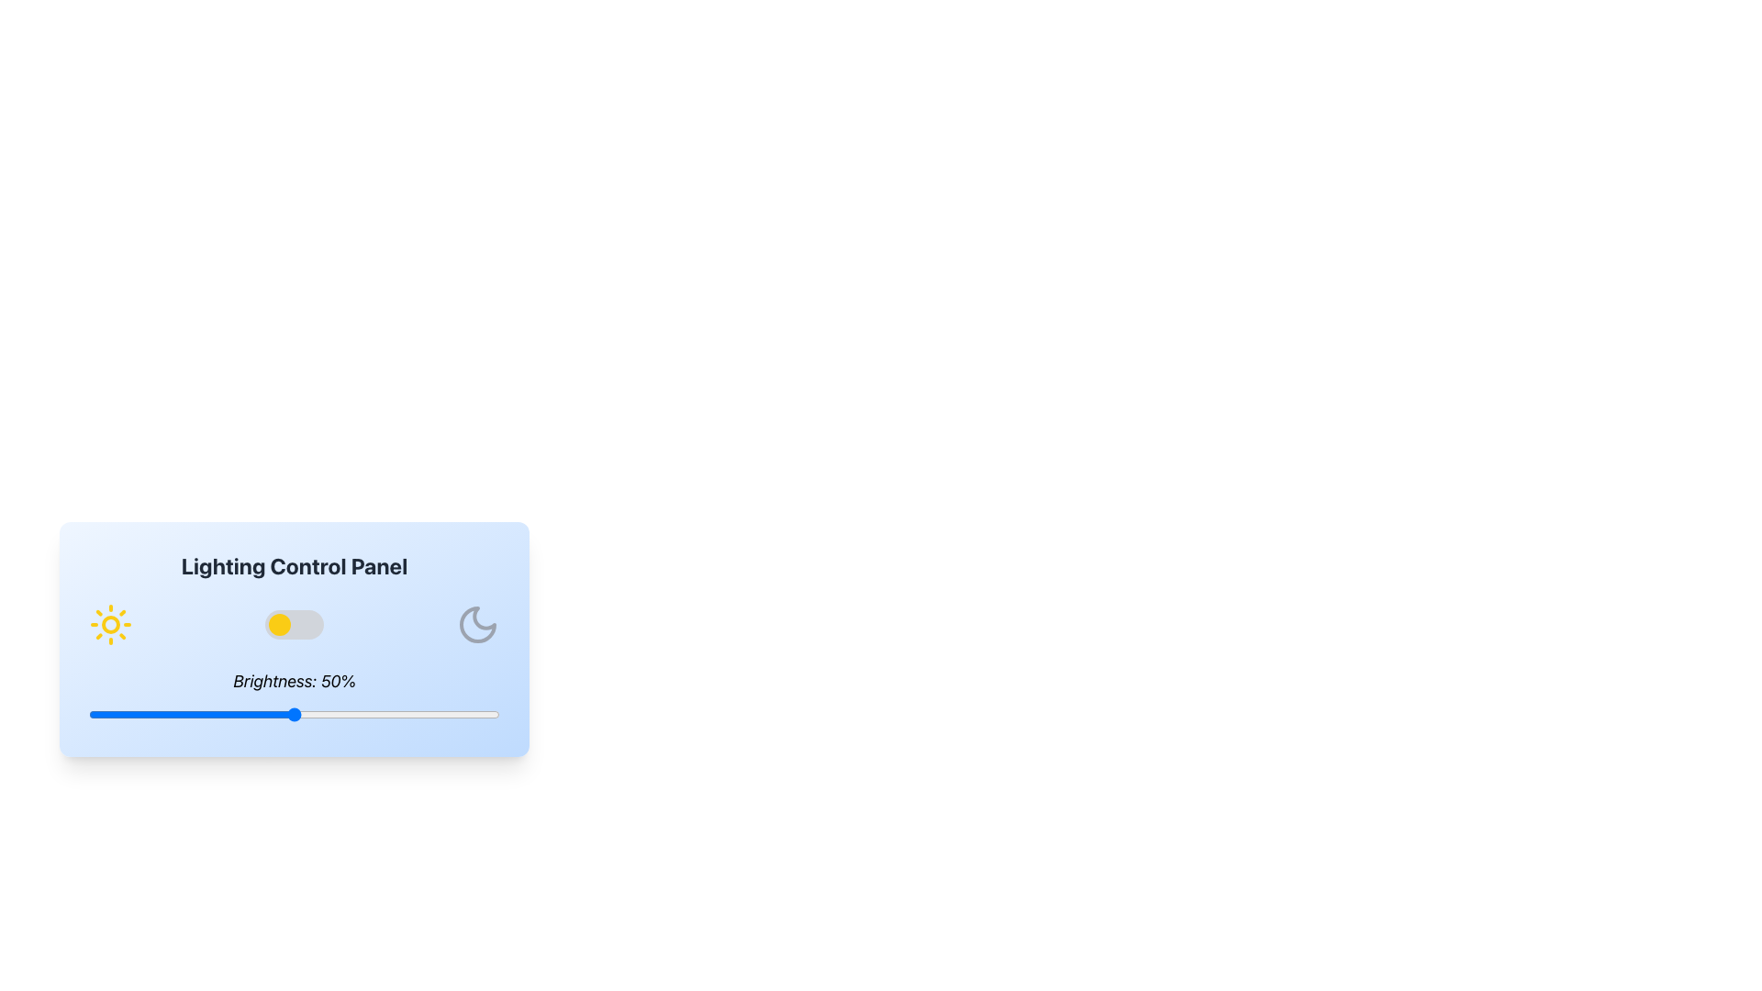  Describe the element at coordinates (273, 714) in the screenshot. I see `the brightness level` at that location.